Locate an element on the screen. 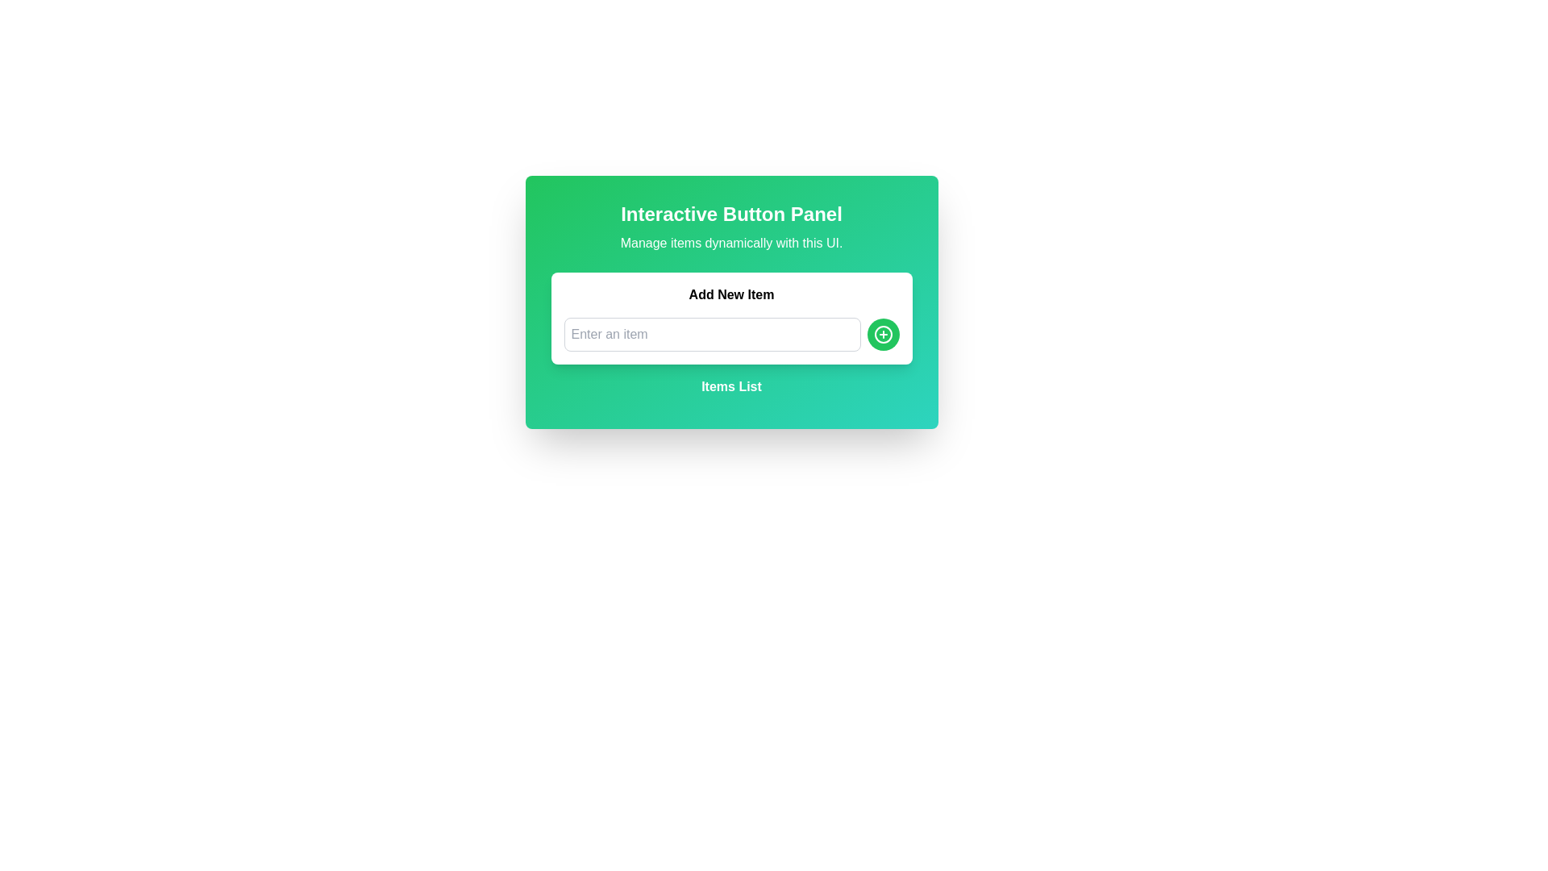 The height and width of the screenshot is (871, 1548). the text label that serves as a title for the content indicating the subsequent elements are related to an items list, positioned below the 'Add New Item' section and input field is located at coordinates (730, 386).